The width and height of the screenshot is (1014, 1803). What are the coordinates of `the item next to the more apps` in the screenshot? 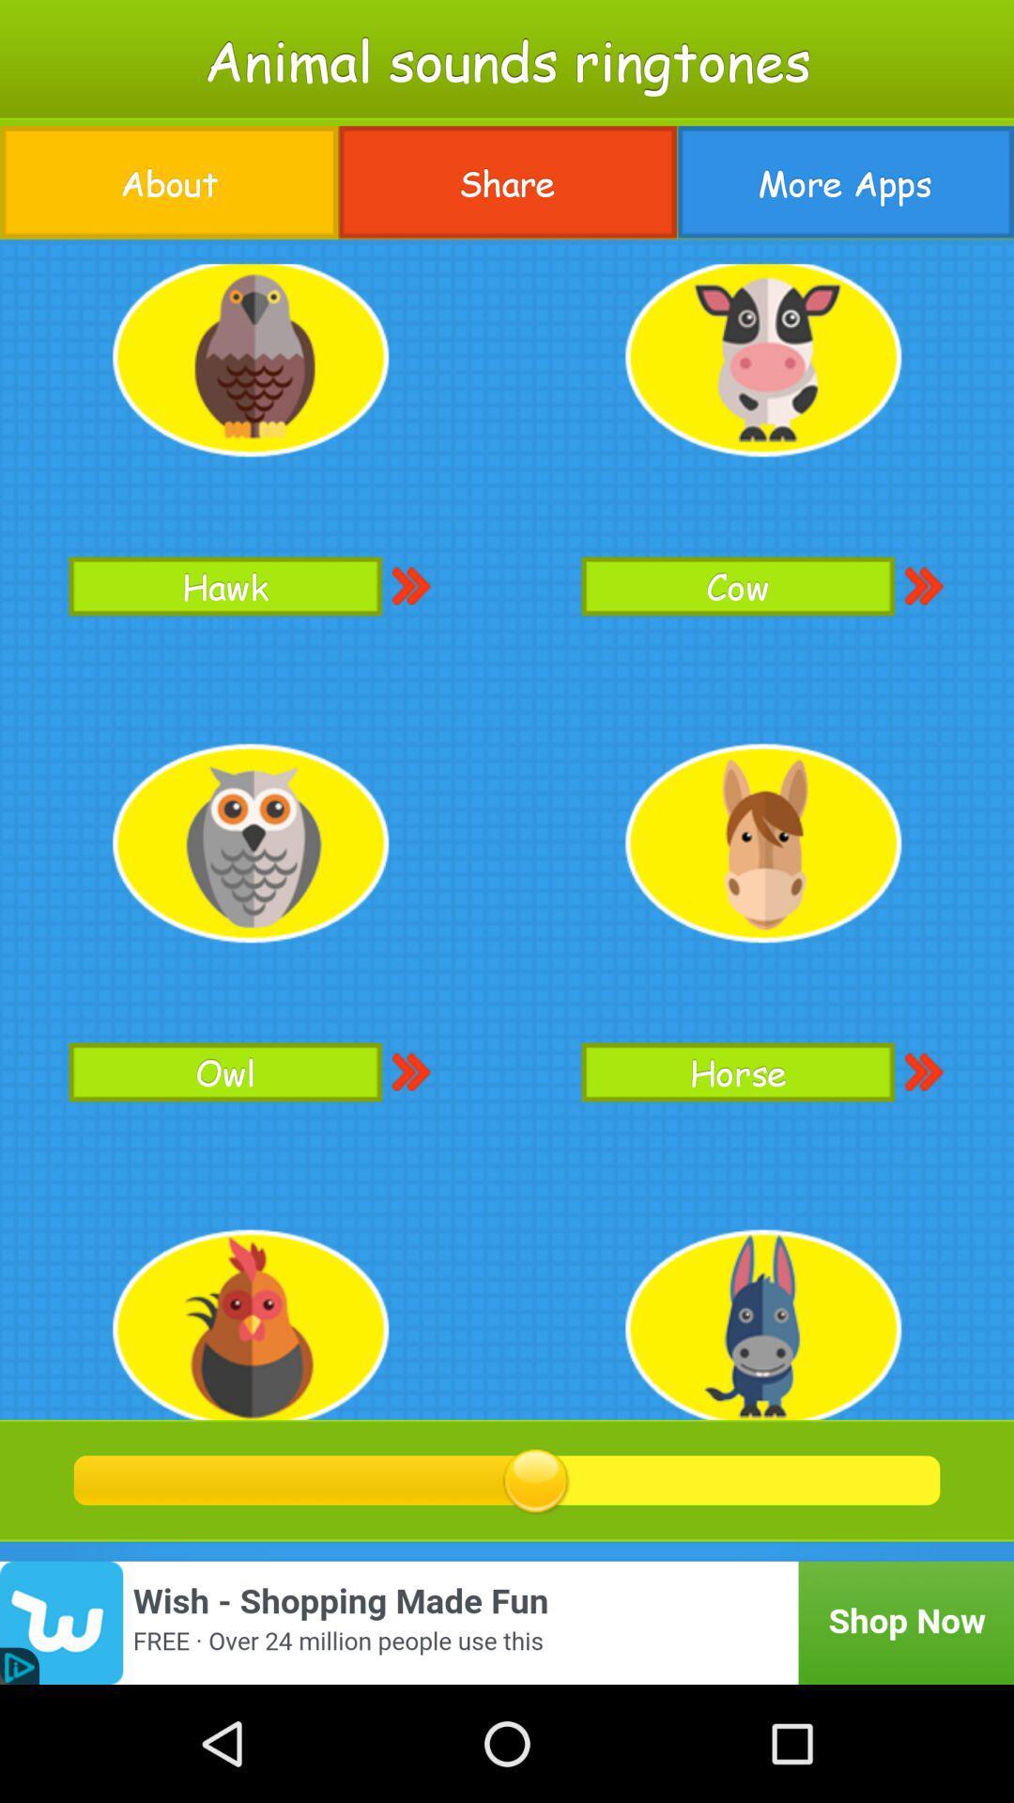 It's located at (507, 182).